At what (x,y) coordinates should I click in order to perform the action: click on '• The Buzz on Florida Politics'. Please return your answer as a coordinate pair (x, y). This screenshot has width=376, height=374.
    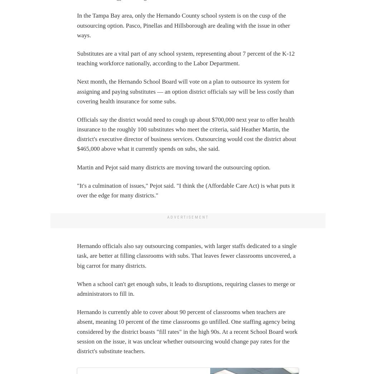
    Looking at the image, I should click on (36, 78).